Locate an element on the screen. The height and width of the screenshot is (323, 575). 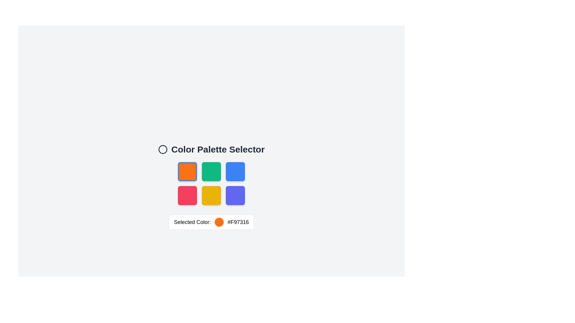
the Text Label that serves as a title for the color palette selection interface, located centrally above the grid of colorful squares is located at coordinates (211, 149).